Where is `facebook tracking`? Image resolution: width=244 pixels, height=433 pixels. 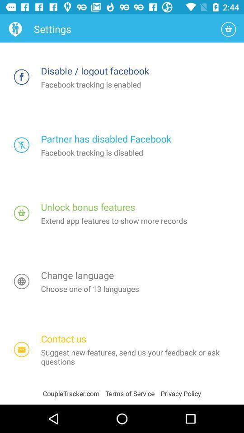
facebook tracking is located at coordinates (22, 76).